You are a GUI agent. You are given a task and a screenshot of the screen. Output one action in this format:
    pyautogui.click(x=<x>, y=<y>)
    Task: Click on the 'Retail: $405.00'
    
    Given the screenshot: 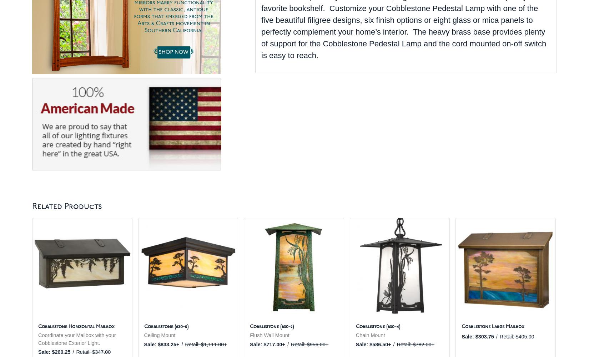 What is the action you would take?
    pyautogui.click(x=516, y=336)
    